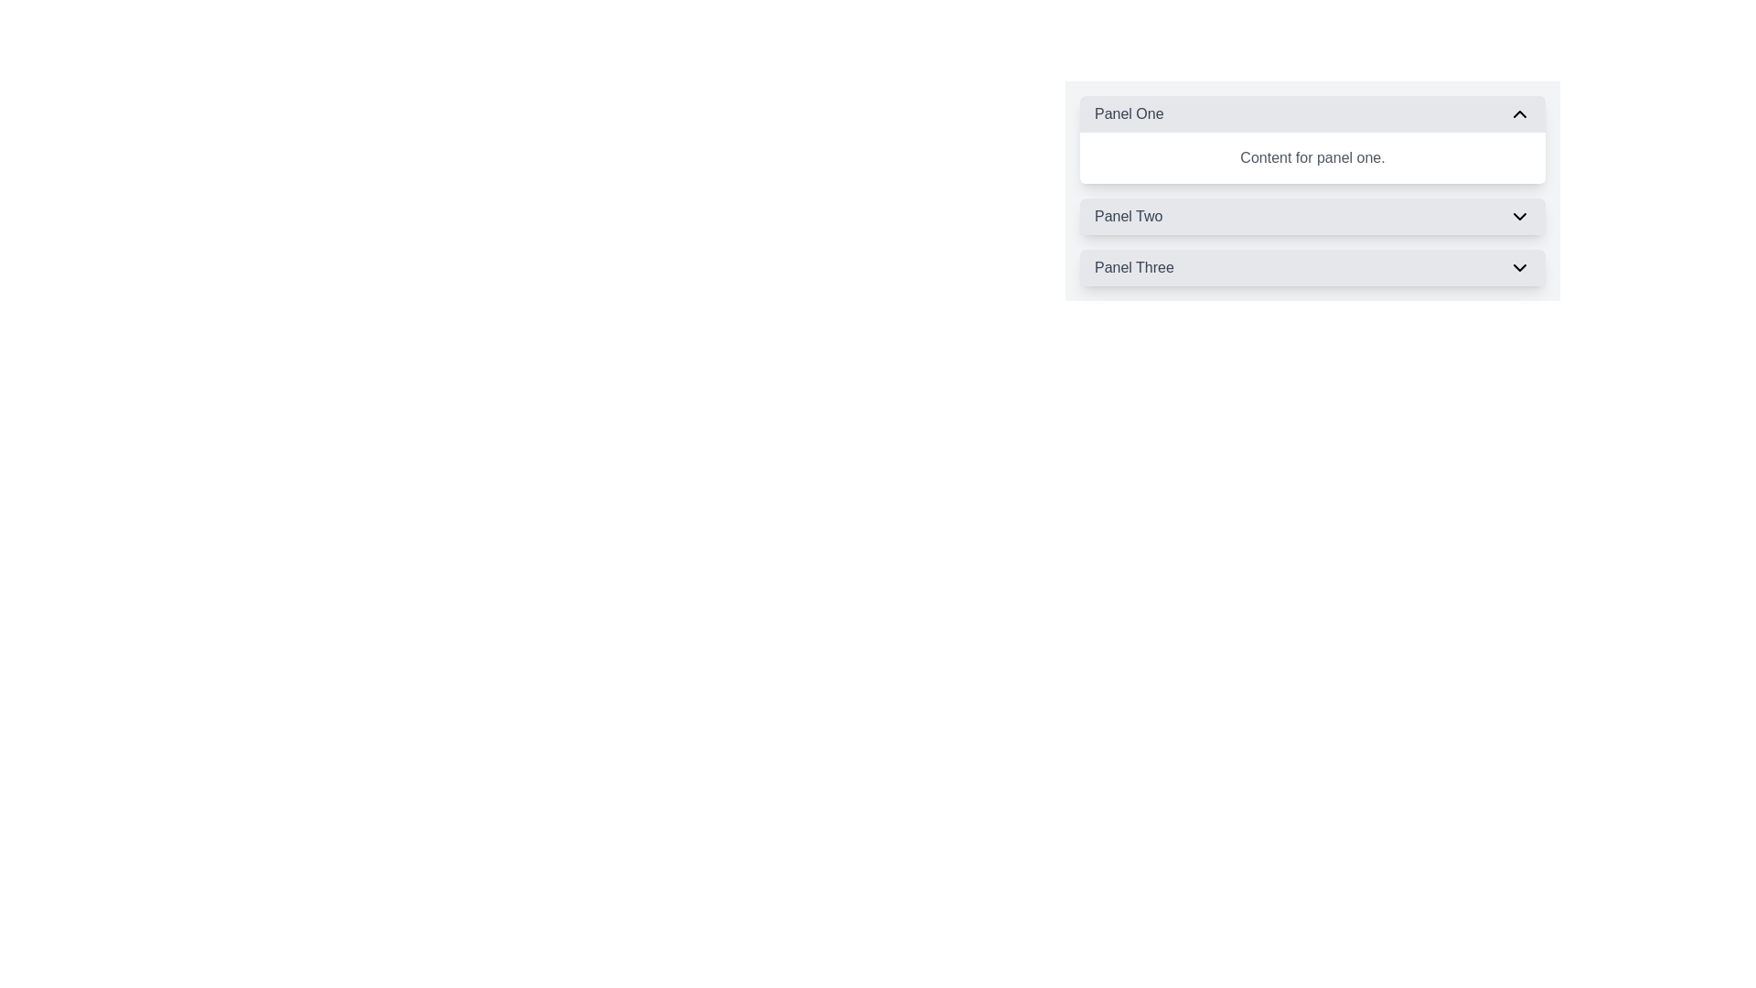 This screenshot has height=988, width=1756. What do you see at coordinates (1519, 113) in the screenshot?
I see `the chevron icon located in the far-right portion of the header for the 'Panel One' section` at bounding box center [1519, 113].